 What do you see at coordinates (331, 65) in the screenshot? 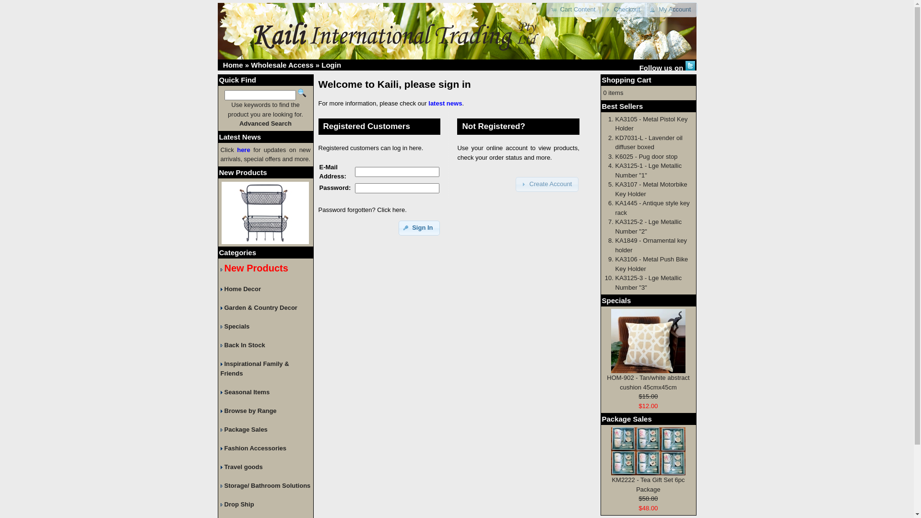
I see `'Login'` at bounding box center [331, 65].